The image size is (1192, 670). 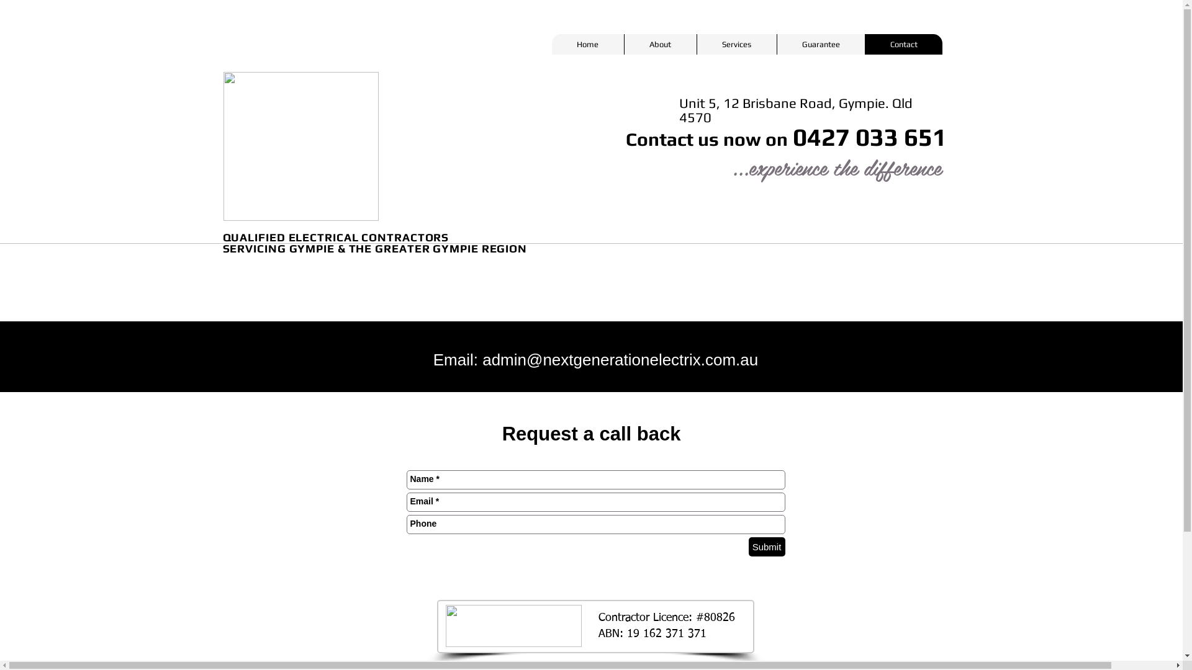 What do you see at coordinates (736, 43) in the screenshot?
I see `'Services'` at bounding box center [736, 43].